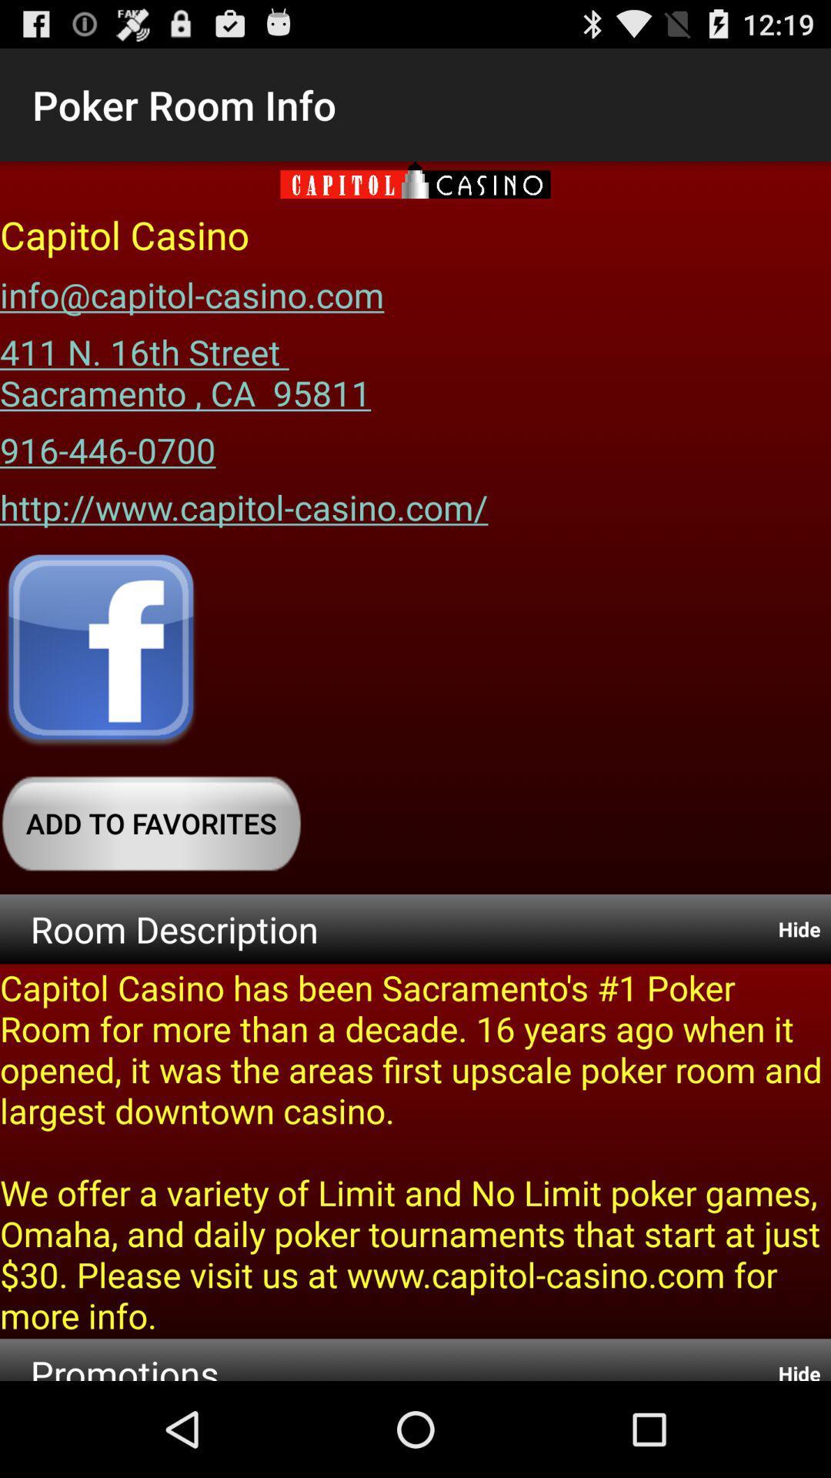 Image resolution: width=831 pixels, height=1478 pixels. Describe the element at coordinates (107, 443) in the screenshot. I see `916-446-0700 item` at that location.